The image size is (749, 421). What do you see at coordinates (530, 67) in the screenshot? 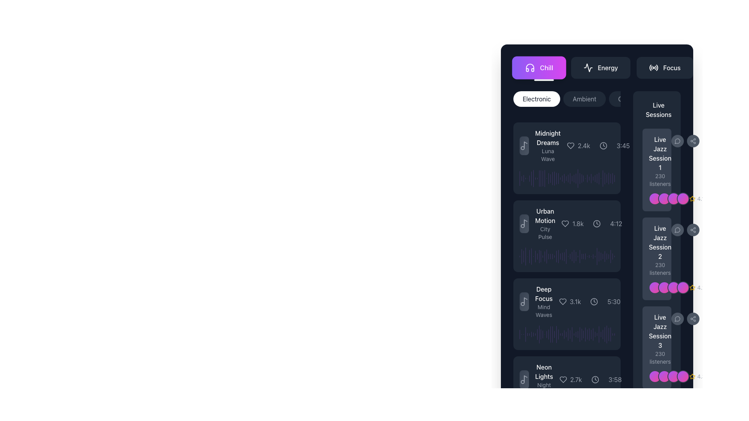
I see `the 'Chill' tab icon, which visually represents the tab's purpose and is located in the top section of the user interface` at bounding box center [530, 67].